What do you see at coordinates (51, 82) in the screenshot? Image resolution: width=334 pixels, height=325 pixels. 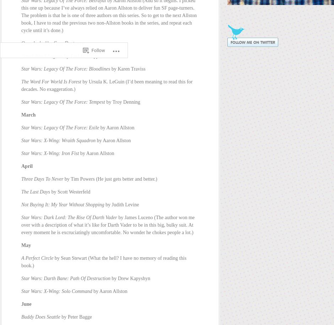 I see `'The Word For World Is Forest'` at bounding box center [51, 82].